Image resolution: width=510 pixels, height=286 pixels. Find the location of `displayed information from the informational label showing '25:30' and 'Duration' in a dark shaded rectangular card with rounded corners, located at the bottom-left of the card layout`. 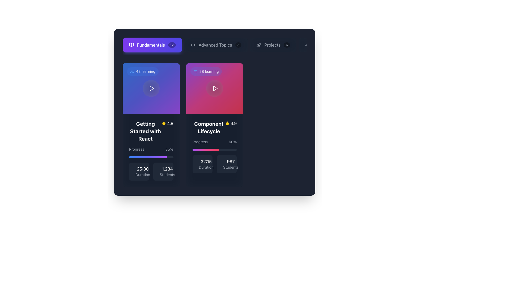

displayed information from the informational label showing '25:30' and 'Duration' in a dark shaded rectangular card with rounded corners, located at the bottom-left of the card layout is located at coordinates (139, 172).